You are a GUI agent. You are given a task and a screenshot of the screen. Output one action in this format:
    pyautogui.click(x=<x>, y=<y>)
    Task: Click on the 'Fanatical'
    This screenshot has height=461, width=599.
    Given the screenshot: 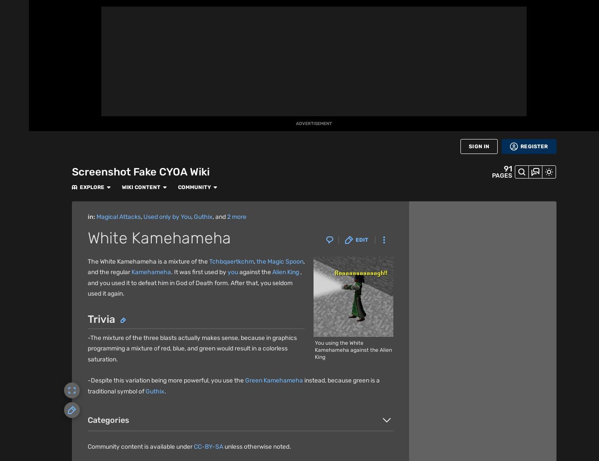 What is the action you would take?
    pyautogui.click(x=111, y=447)
    